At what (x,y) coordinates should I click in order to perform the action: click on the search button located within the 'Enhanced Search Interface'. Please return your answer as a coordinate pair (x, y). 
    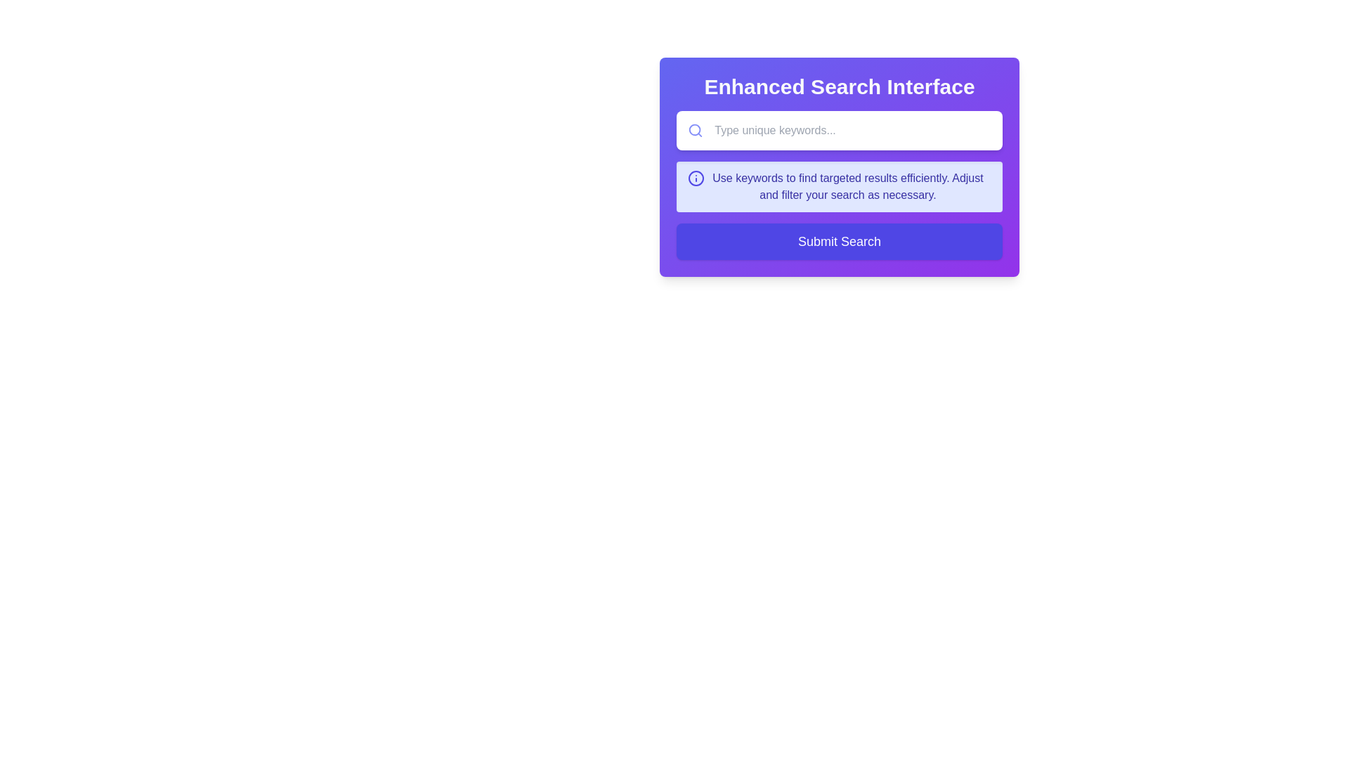
    Looking at the image, I should click on (840, 240).